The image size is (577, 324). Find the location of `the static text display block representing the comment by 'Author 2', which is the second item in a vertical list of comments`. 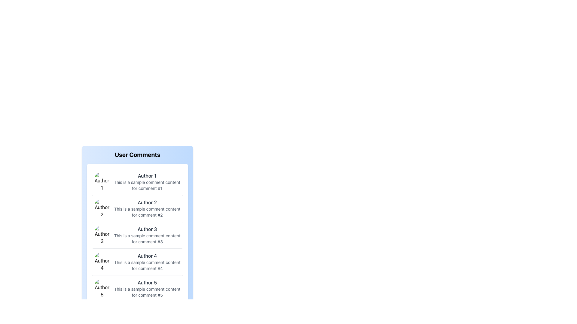

the static text display block representing the comment by 'Author 2', which is the second item in a vertical list of comments is located at coordinates (147, 208).